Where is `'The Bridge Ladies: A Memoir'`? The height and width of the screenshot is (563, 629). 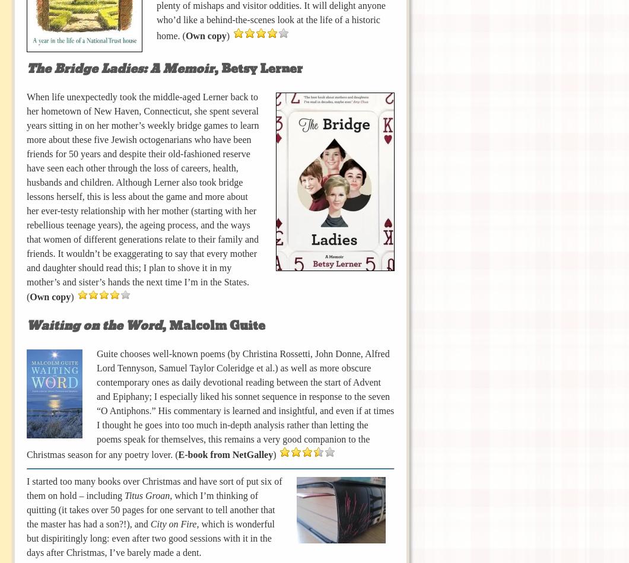
'The Bridge Ladies: A Memoir' is located at coordinates (119, 68).